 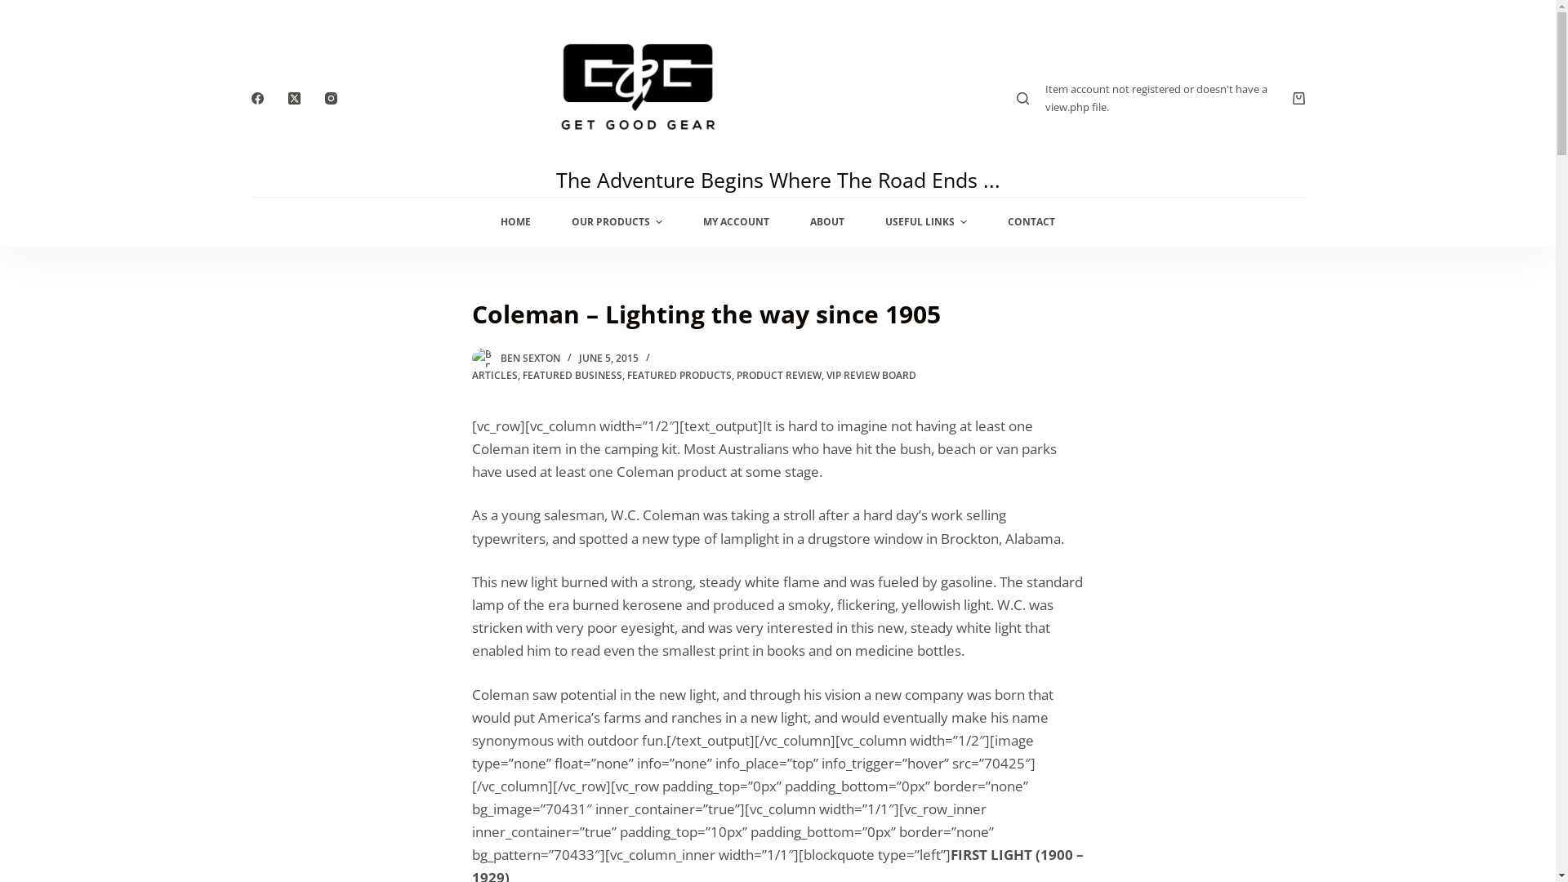 What do you see at coordinates (616, 222) in the screenshot?
I see `'OUR PRODUCTS'` at bounding box center [616, 222].